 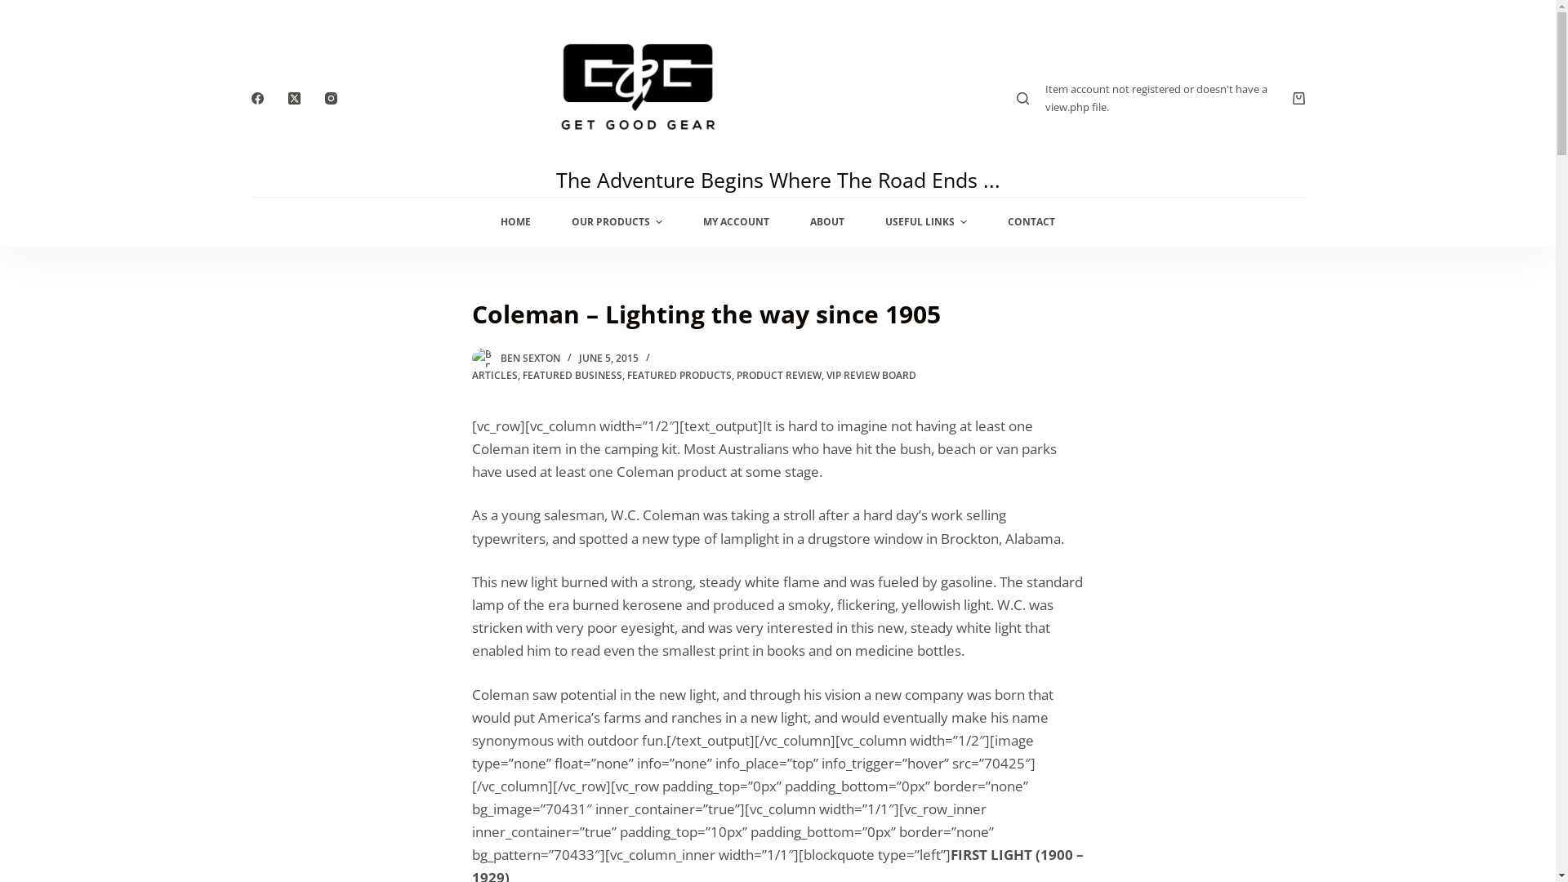 What do you see at coordinates (616, 222) in the screenshot?
I see `'OUR PRODUCTS'` at bounding box center [616, 222].